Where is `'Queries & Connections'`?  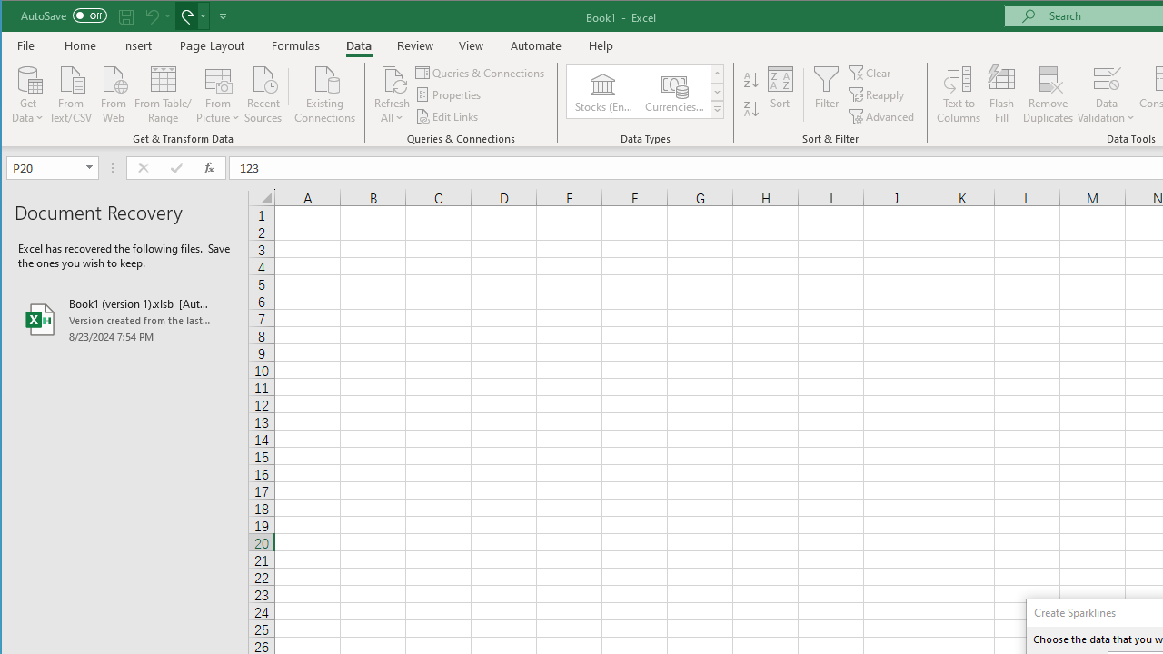 'Queries & Connections' is located at coordinates (481, 72).